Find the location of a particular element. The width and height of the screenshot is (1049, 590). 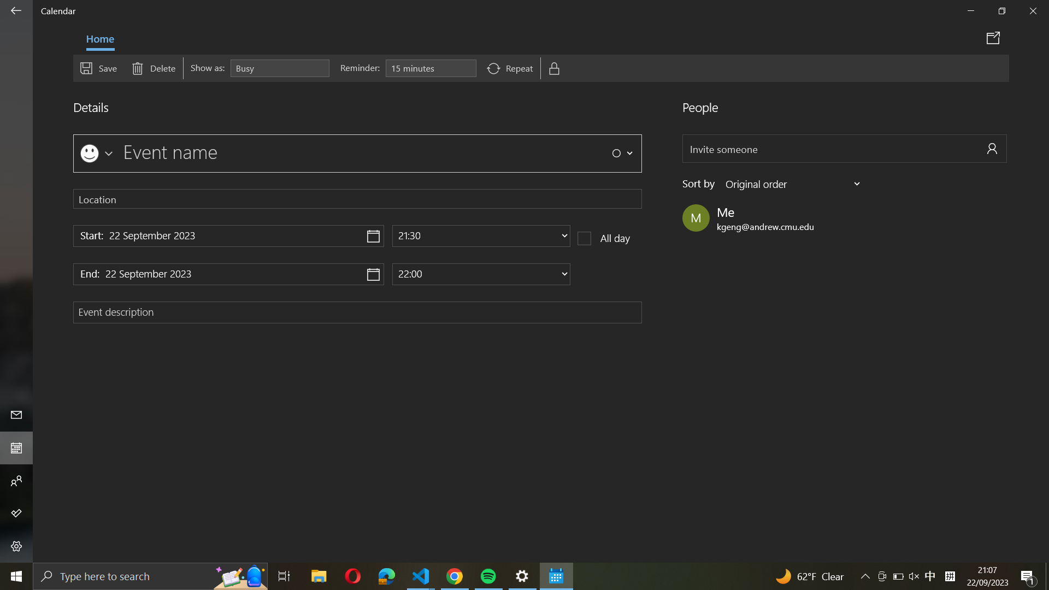

Click the start date icon is located at coordinates (228, 235).